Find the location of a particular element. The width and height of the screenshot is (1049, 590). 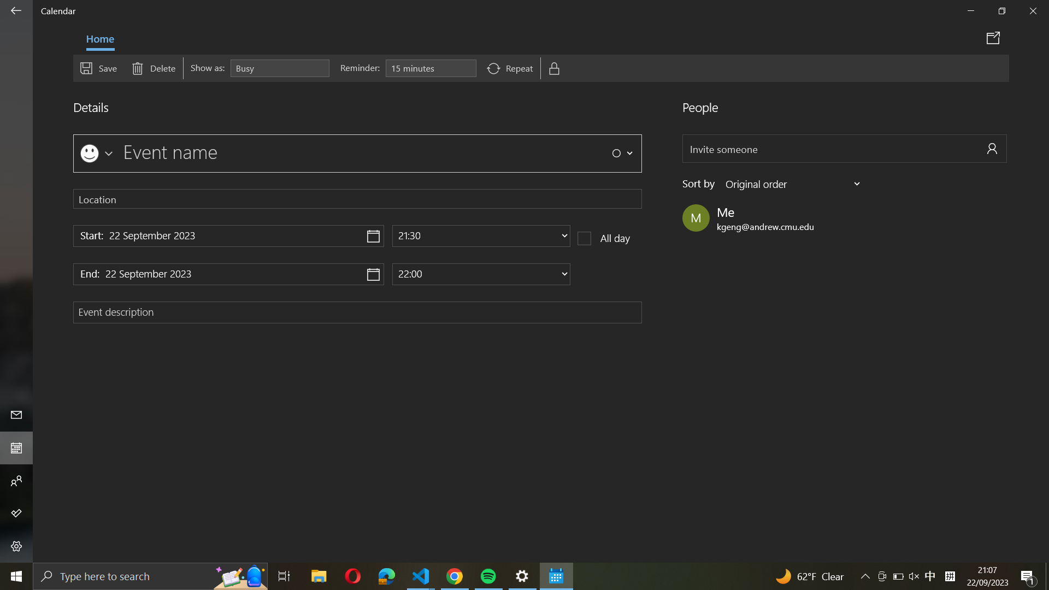

Click the start date icon is located at coordinates (228, 235).